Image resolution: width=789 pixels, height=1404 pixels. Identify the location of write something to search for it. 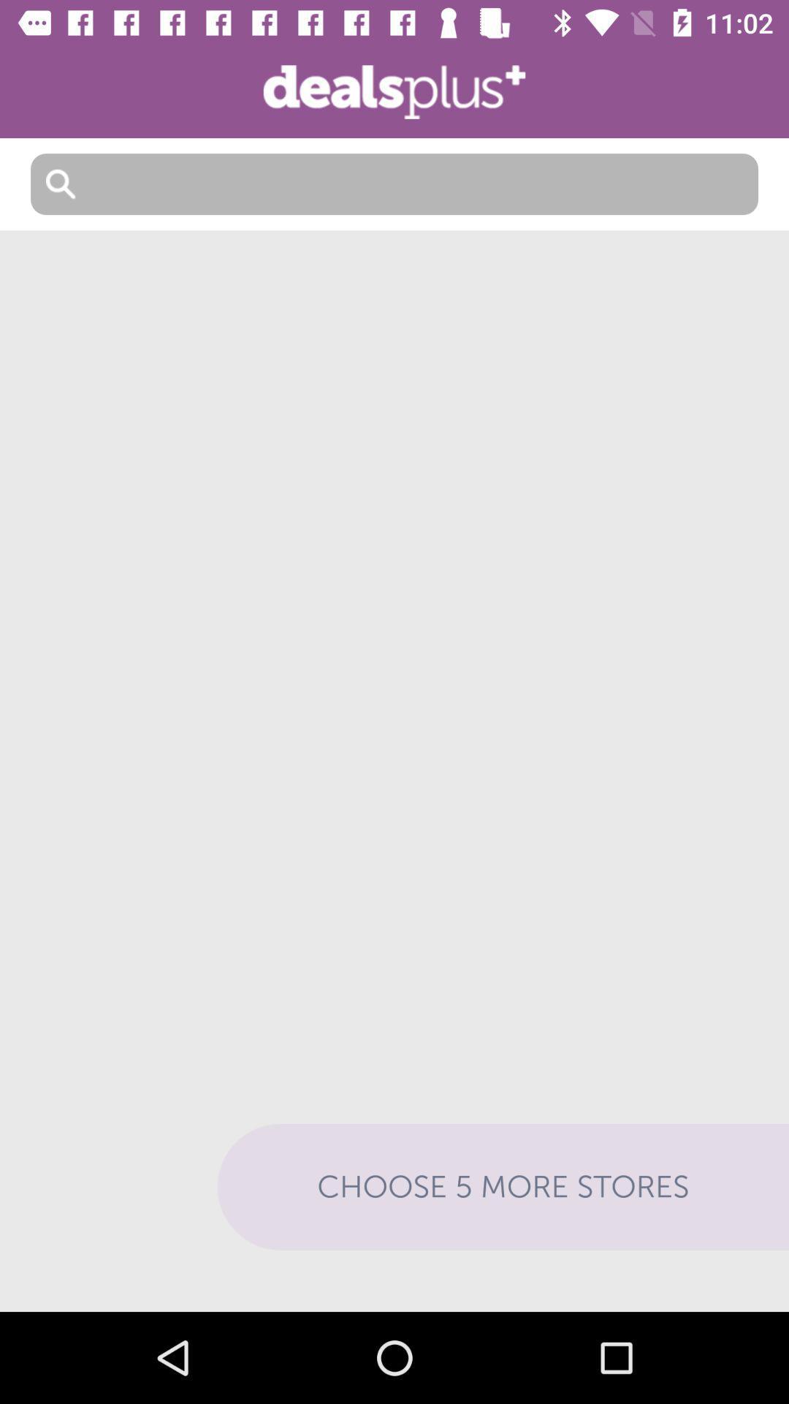
(394, 184).